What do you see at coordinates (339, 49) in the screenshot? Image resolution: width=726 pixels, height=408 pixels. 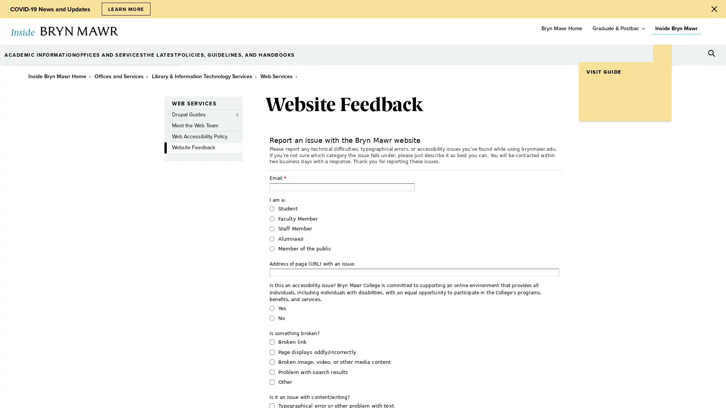 I see `toggle submenu` at bounding box center [339, 49].